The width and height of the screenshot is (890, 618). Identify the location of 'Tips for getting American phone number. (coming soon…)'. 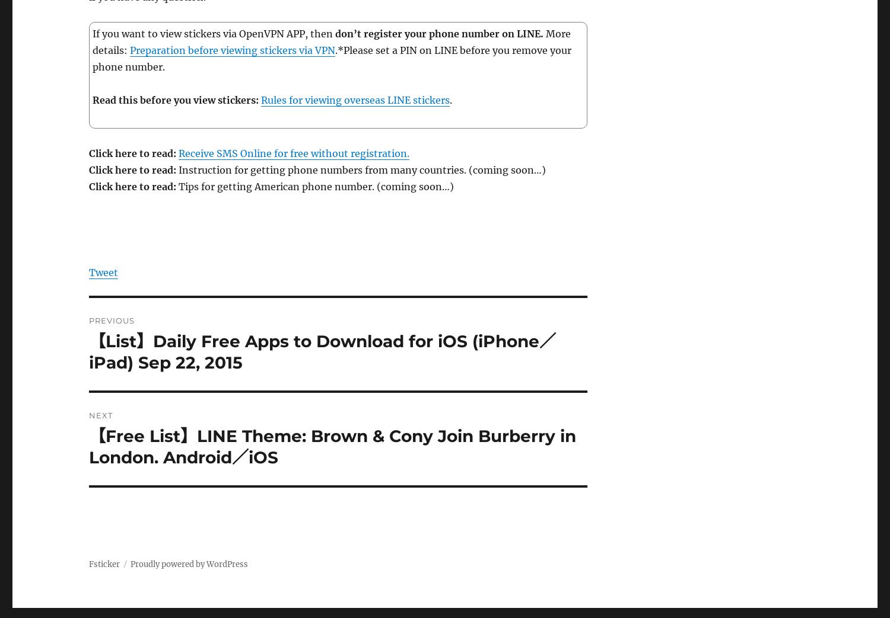
(315, 185).